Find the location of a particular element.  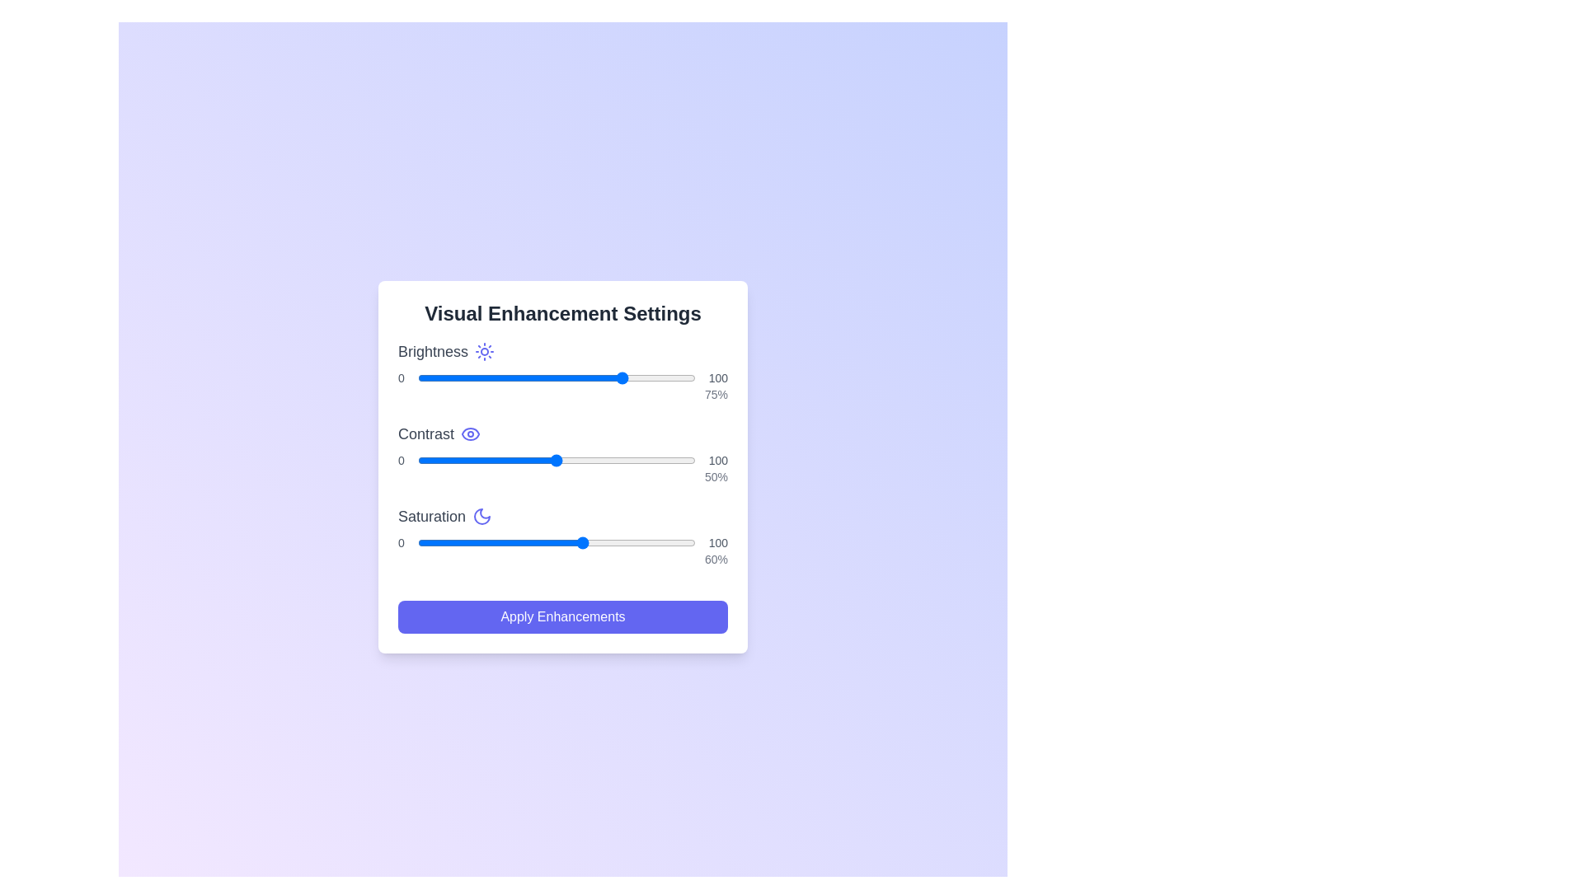

the saturation slider to 48% is located at coordinates (551, 543).